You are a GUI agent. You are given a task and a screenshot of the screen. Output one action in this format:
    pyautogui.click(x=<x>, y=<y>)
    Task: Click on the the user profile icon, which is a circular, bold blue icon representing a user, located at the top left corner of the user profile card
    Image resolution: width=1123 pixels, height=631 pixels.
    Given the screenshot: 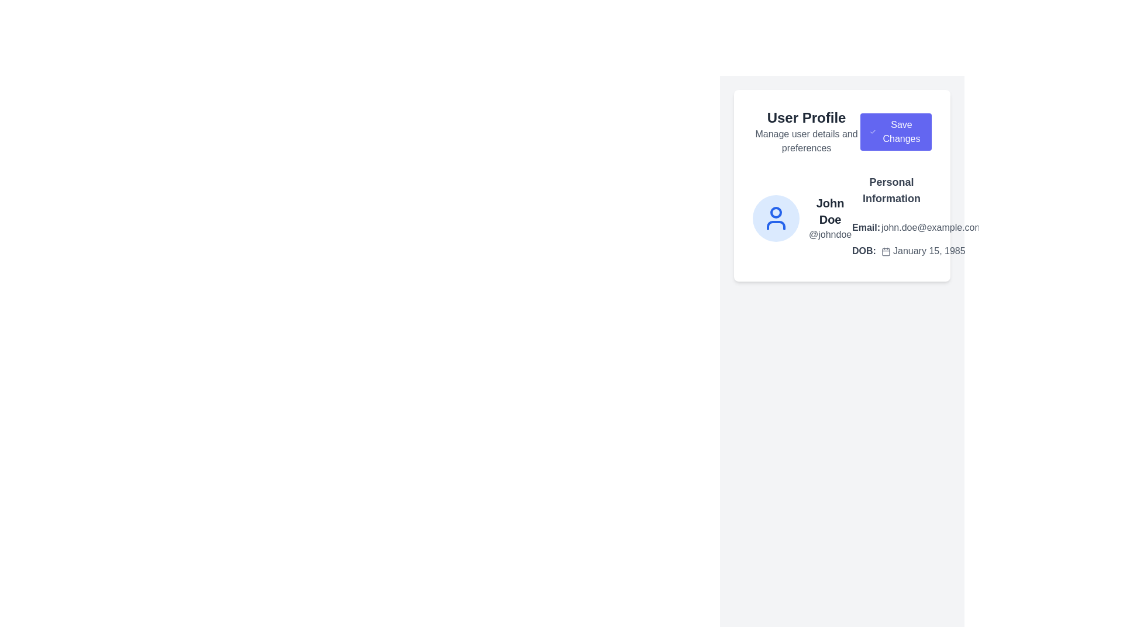 What is the action you would take?
    pyautogui.click(x=776, y=219)
    